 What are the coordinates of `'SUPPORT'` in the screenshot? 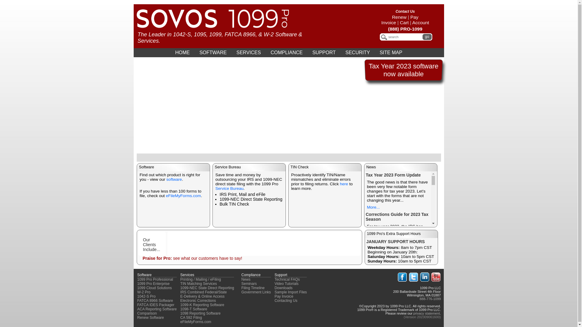 It's located at (323, 52).